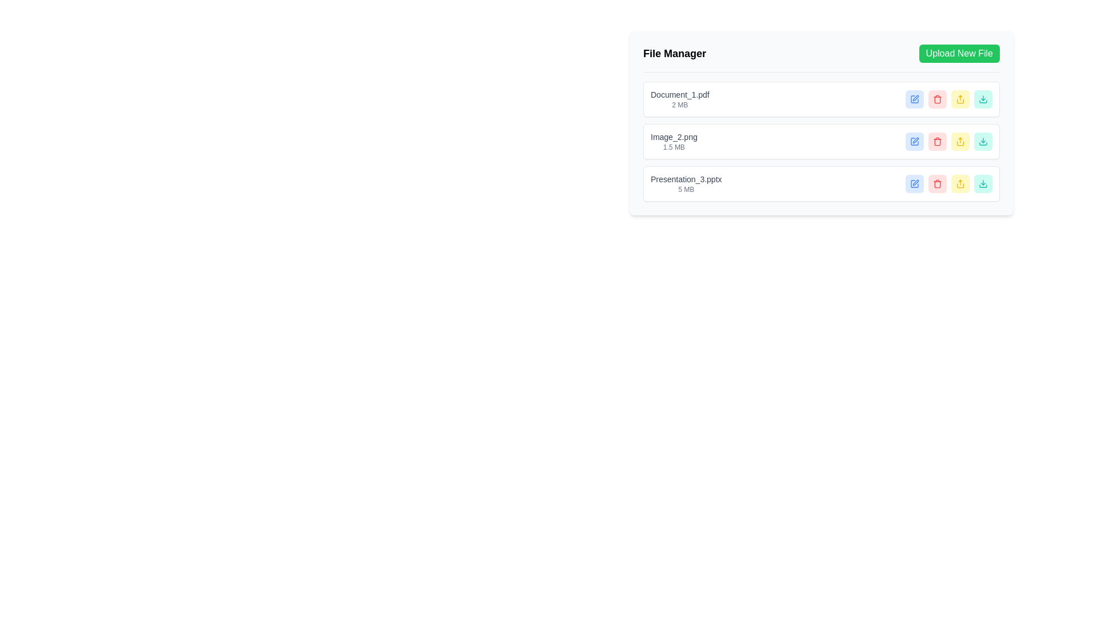 The height and width of the screenshot is (617, 1097). What do you see at coordinates (674, 136) in the screenshot?
I see `the text label displaying 'Image_2.png' in the 'File Manager' table, which is styled with a gray color and positioned in the second row` at bounding box center [674, 136].